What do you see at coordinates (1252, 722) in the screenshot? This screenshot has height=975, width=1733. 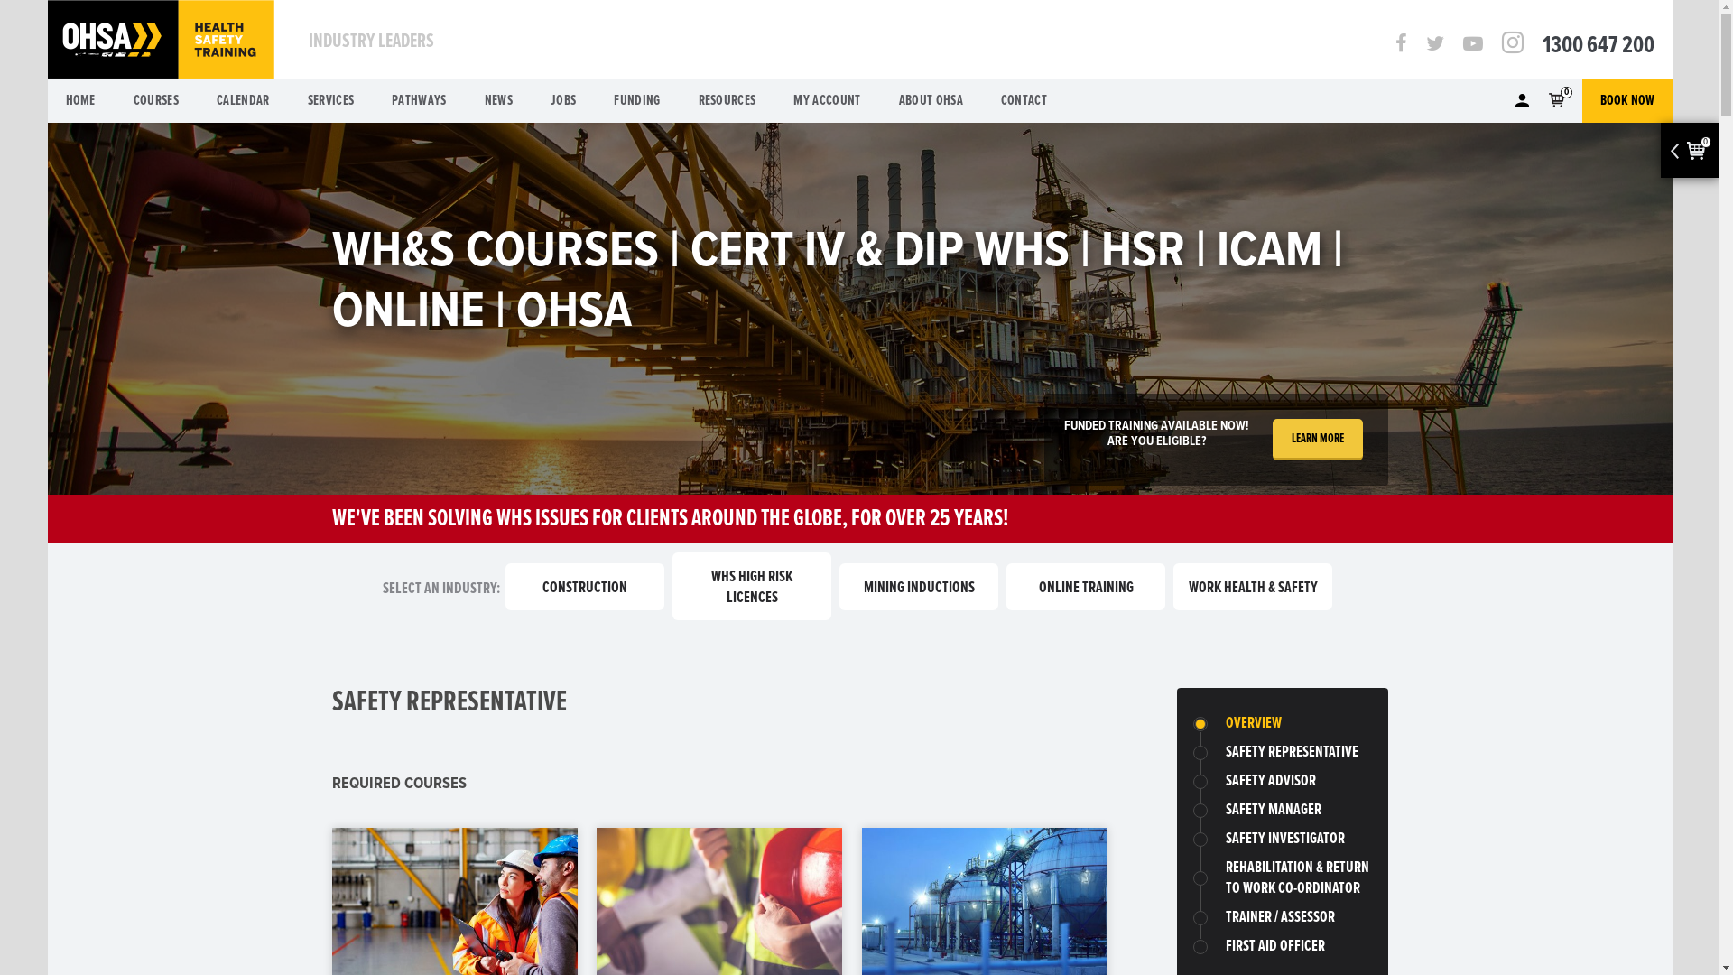 I see `'OVERVIEW'` at bounding box center [1252, 722].